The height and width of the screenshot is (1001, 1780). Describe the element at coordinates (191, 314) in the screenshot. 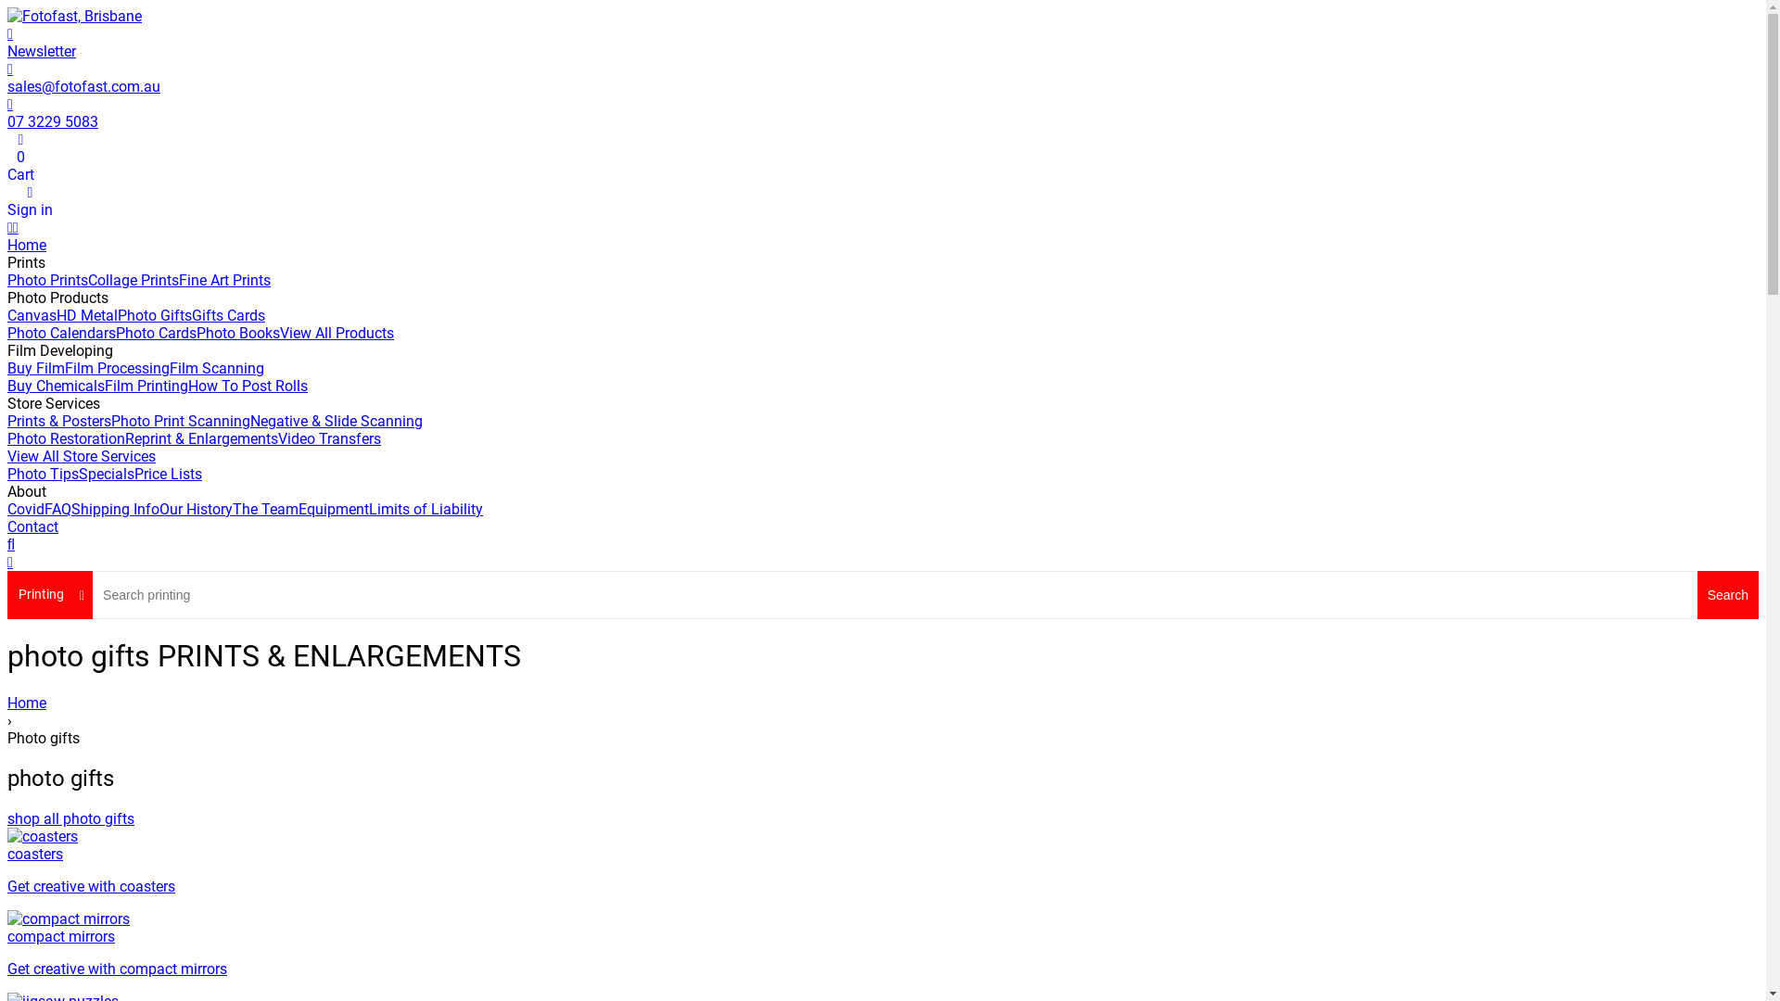

I see `'Gifts Cards'` at that location.